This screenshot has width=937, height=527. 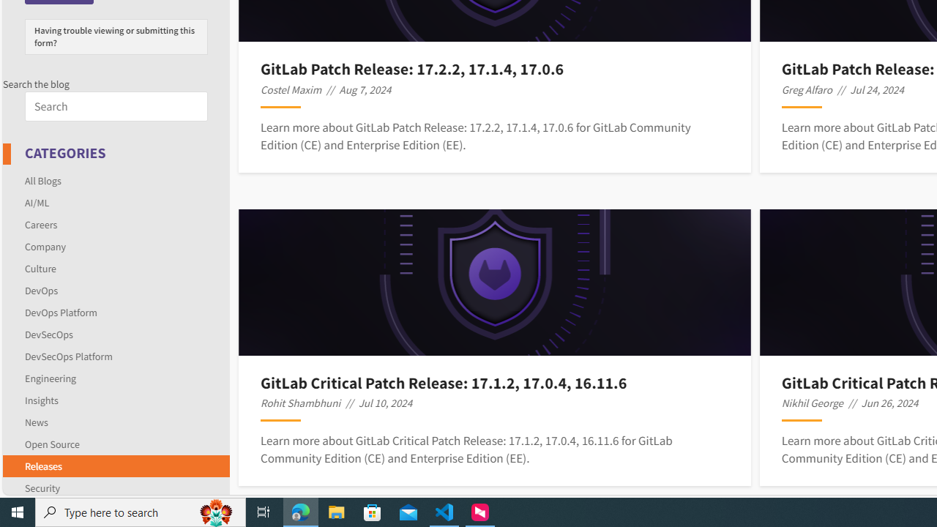 What do you see at coordinates (495, 282) in the screenshot?
I see `'Post Image'` at bounding box center [495, 282].